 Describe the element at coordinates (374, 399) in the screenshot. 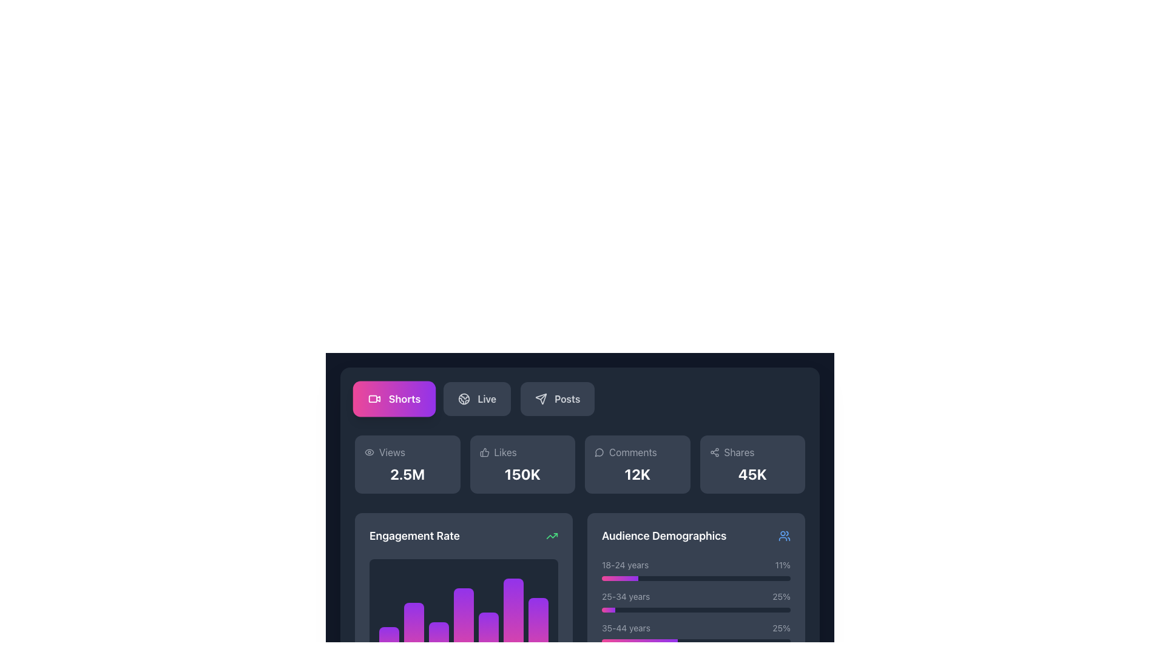

I see `the video camera icon with a white outline on a bright pink background located within the 'Shorts' button at the top of the user interface` at that location.